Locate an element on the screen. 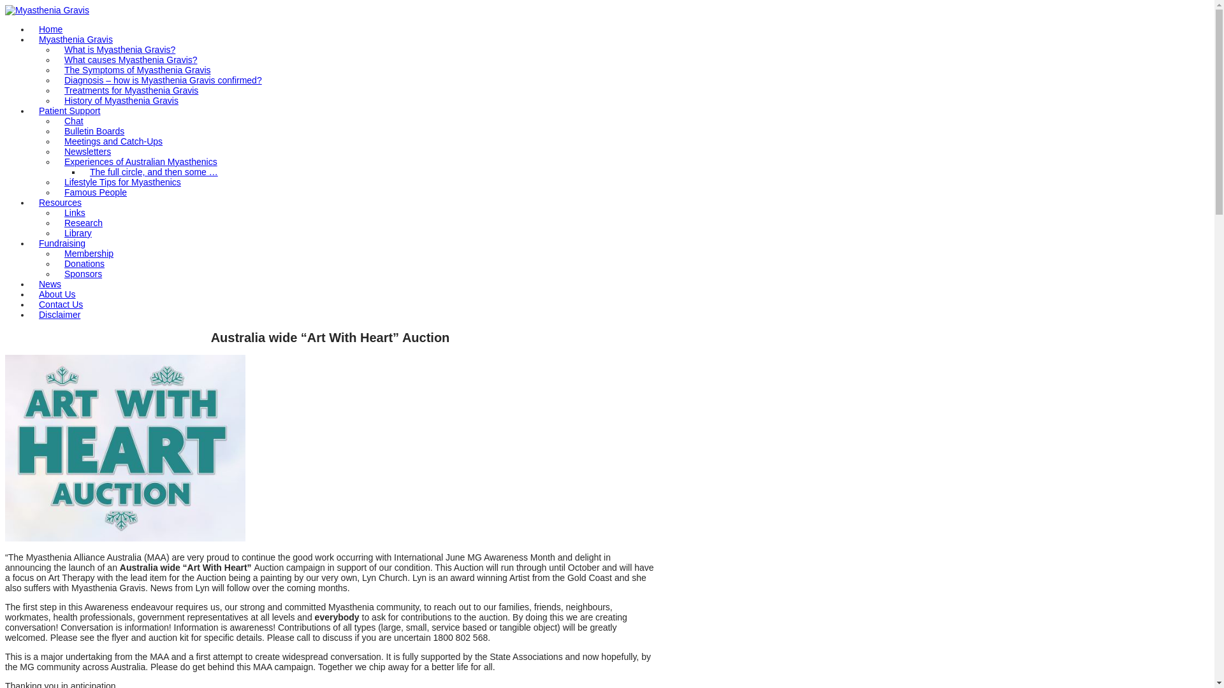  'News' is located at coordinates (50, 283).